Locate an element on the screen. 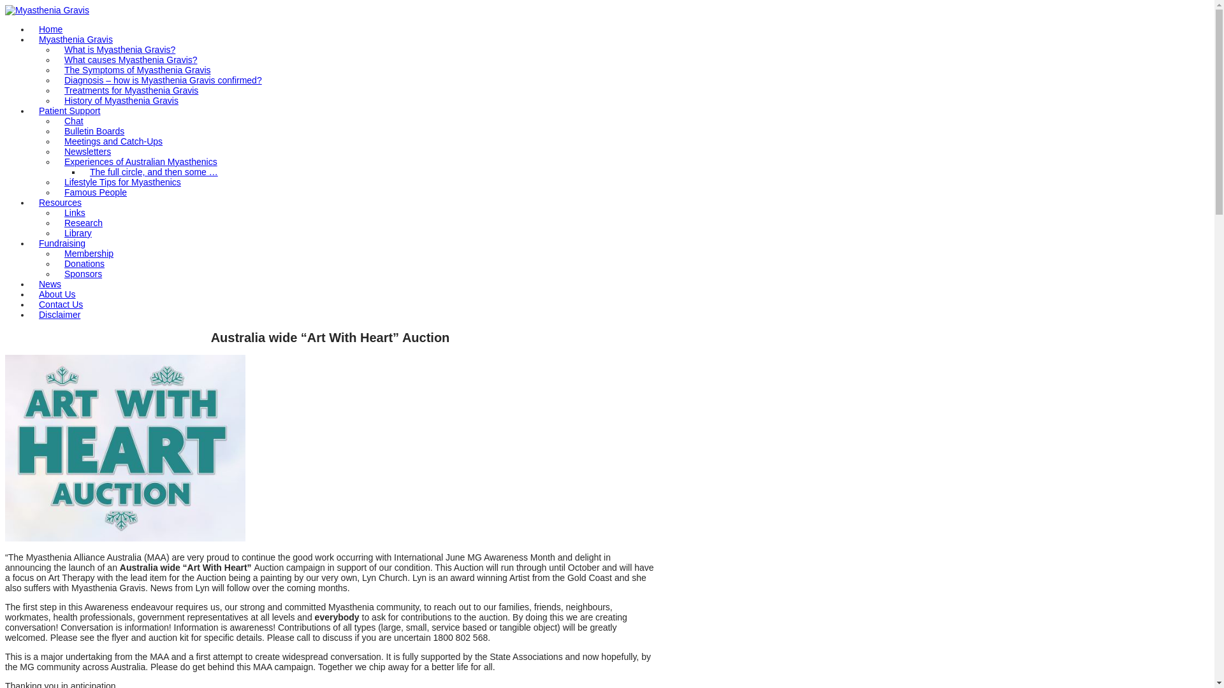  'News' is located at coordinates (50, 283).